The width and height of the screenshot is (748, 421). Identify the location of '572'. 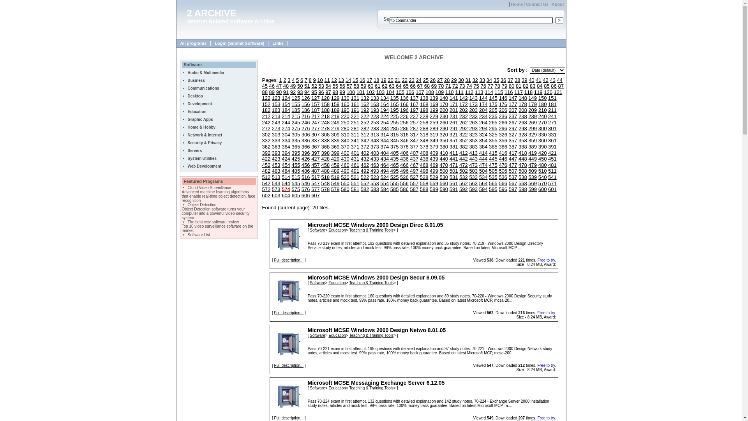
(262, 189).